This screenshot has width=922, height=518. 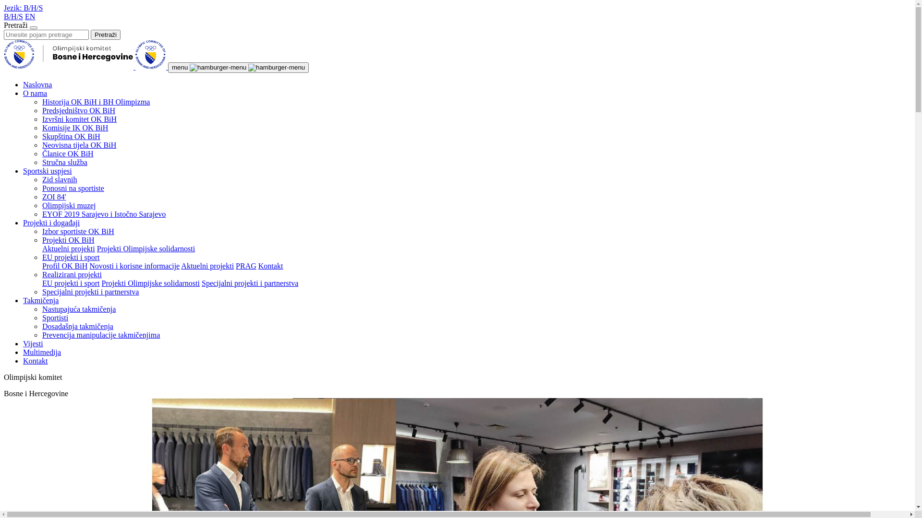 I want to click on 'Kontakt', so click(x=35, y=361).